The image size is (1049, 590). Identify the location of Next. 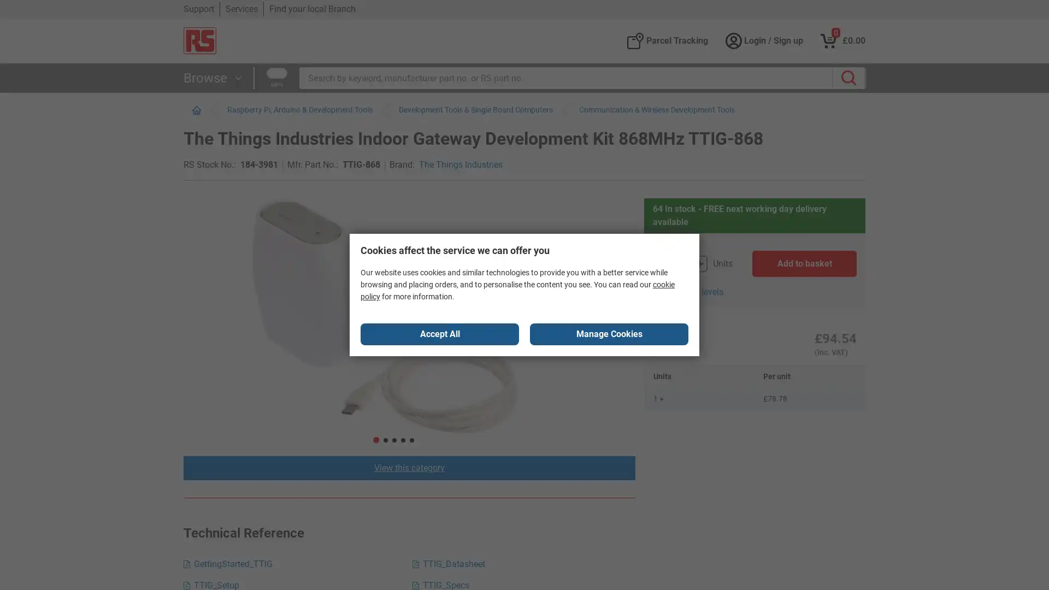
(214, 410).